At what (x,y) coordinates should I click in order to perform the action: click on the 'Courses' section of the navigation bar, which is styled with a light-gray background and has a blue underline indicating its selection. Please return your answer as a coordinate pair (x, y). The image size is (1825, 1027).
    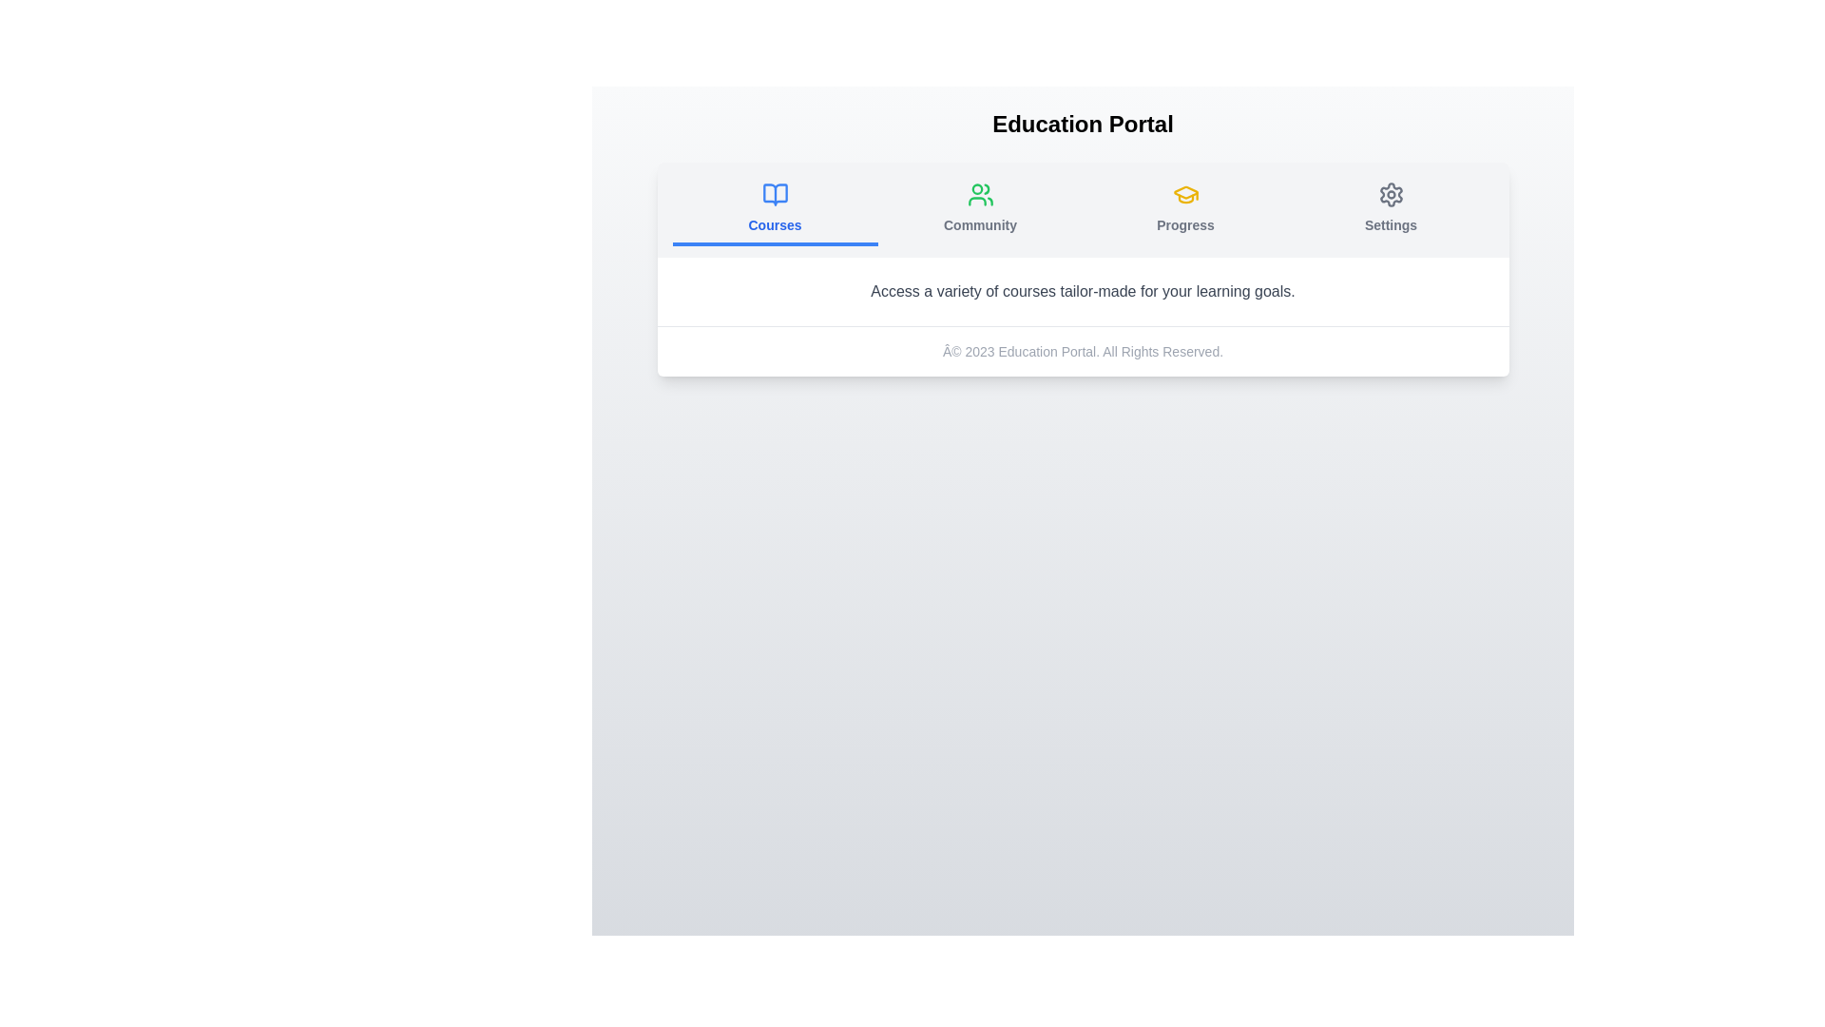
    Looking at the image, I should click on (1083, 209).